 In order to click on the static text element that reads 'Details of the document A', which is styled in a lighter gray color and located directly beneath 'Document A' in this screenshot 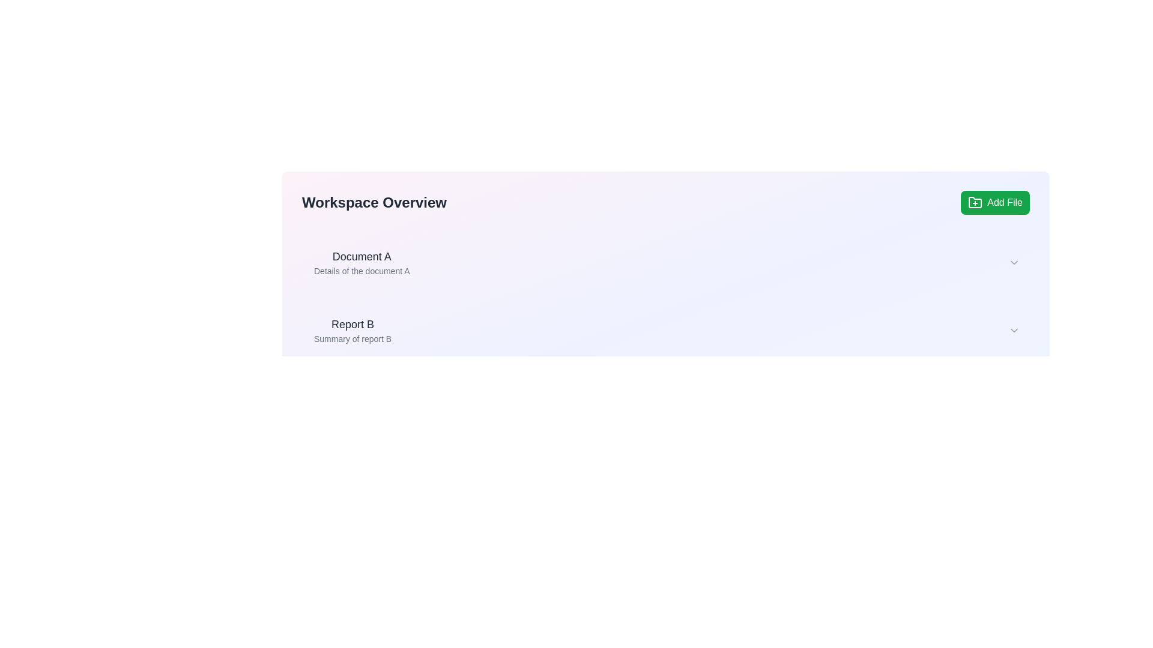, I will do `click(361, 271)`.